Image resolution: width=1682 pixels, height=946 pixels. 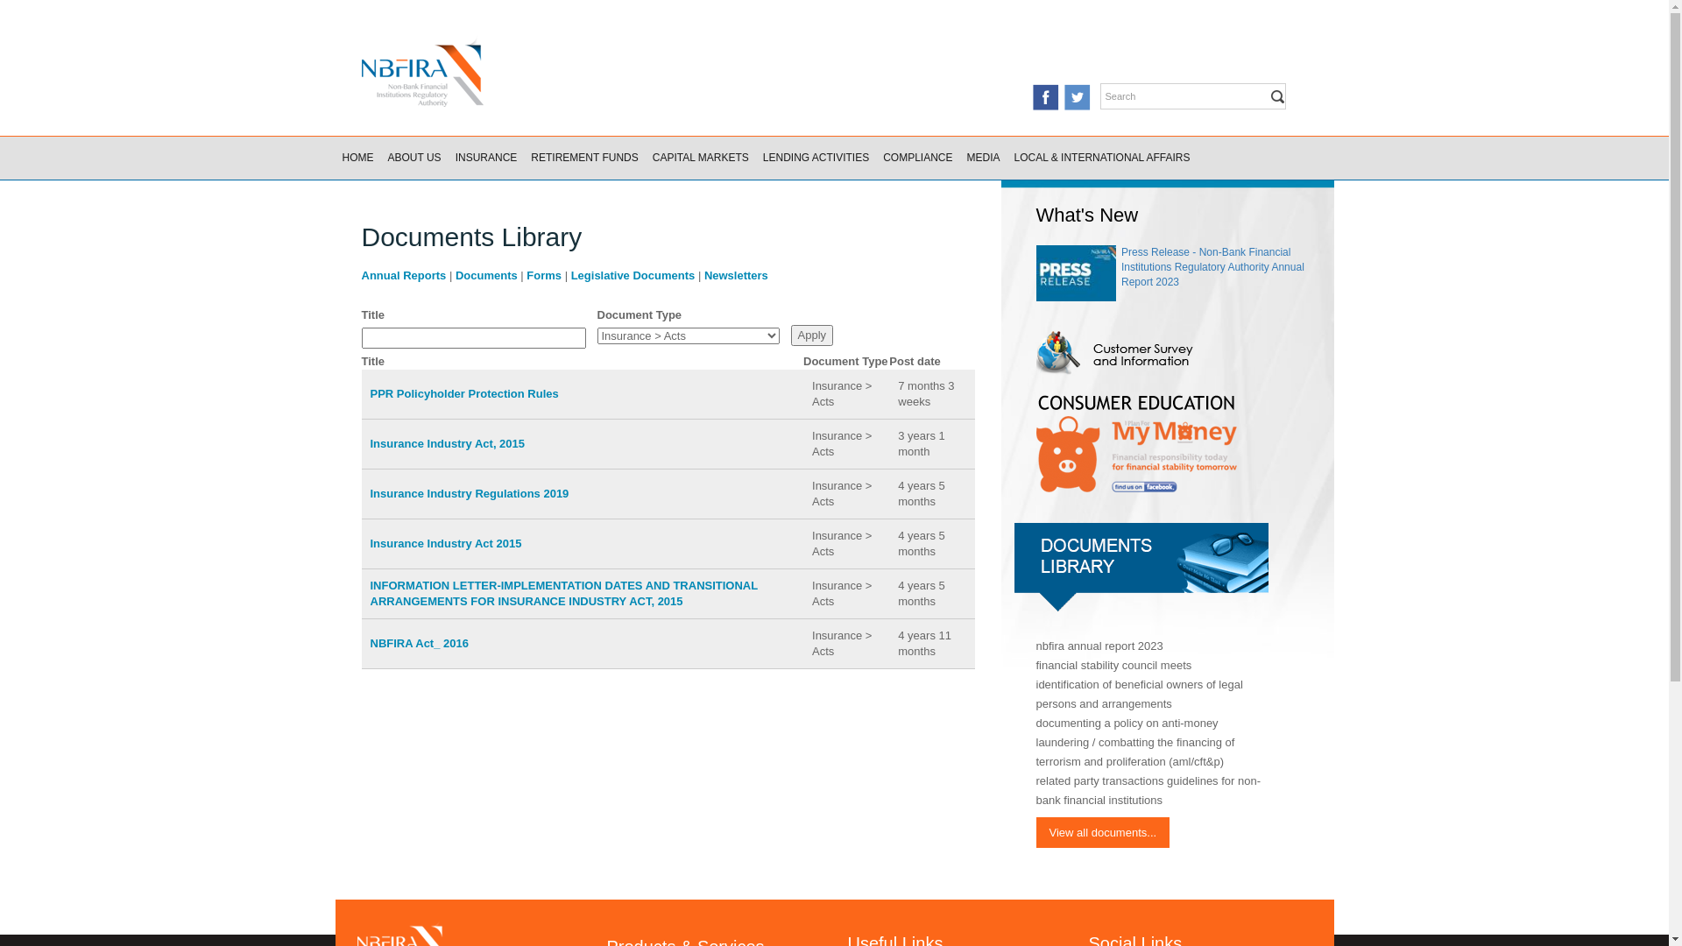 What do you see at coordinates (736, 275) in the screenshot?
I see `'Newsletters'` at bounding box center [736, 275].